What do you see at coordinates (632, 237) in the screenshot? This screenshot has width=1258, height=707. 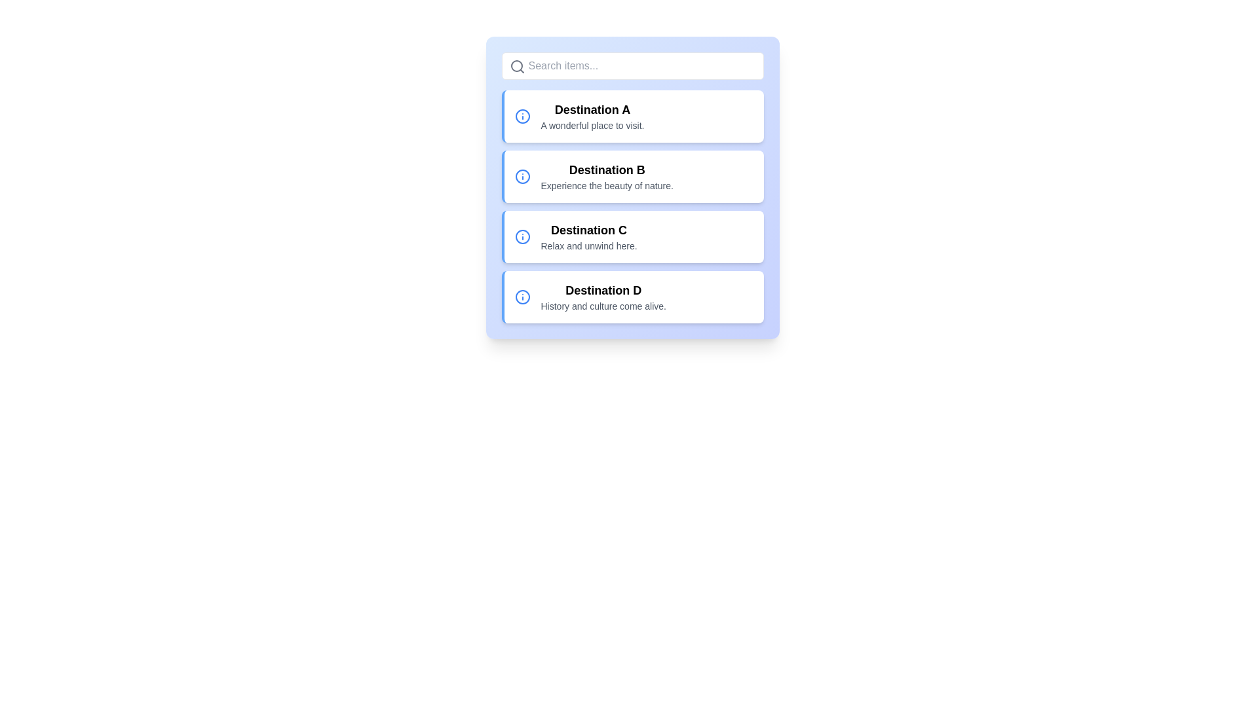 I see `the card displaying 'Destination C', which is the third card in a vertical stack of cards` at bounding box center [632, 237].